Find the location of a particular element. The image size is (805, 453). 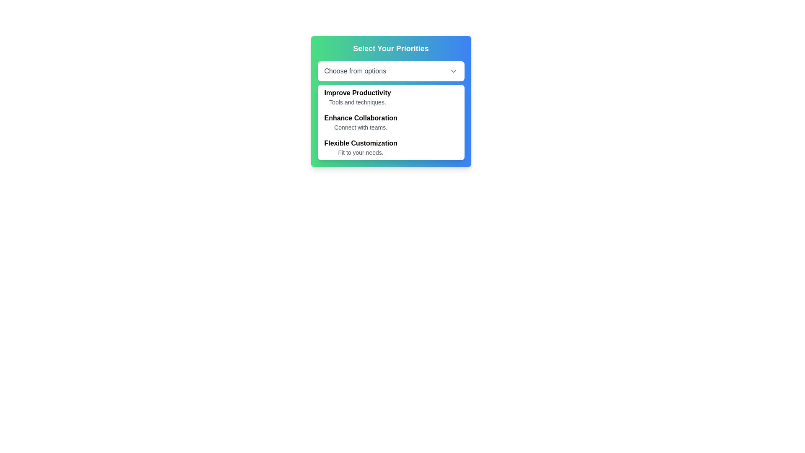

text label 'Flexible Customization' which is styled in bold font and located within a dropdown menu interface, positioned below the dropdown selection box and above the description text 'Fit to your needs.' is located at coordinates (361, 143).